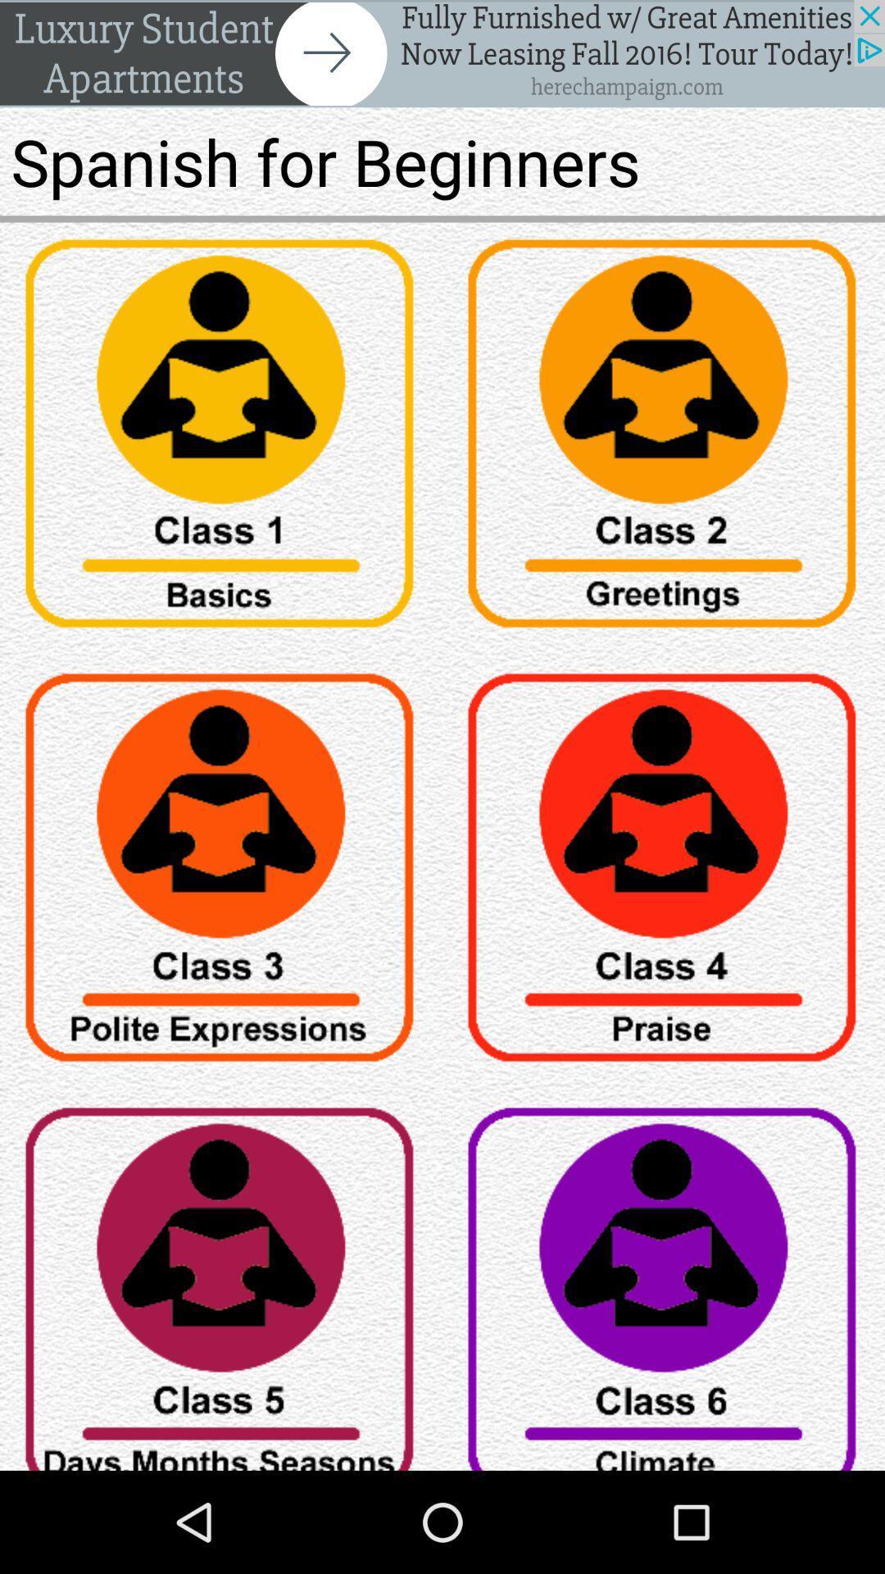  What do you see at coordinates (664, 1280) in the screenshot?
I see `choose level difficulty` at bounding box center [664, 1280].